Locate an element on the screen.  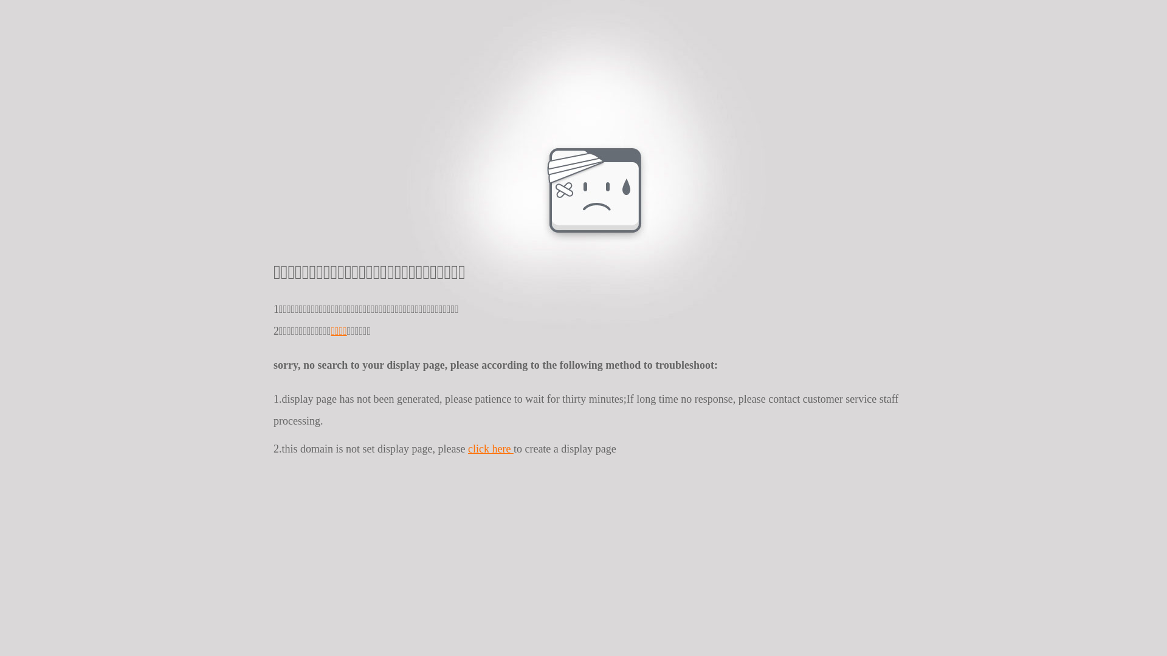
'click here' is located at coordinates (467, 449).